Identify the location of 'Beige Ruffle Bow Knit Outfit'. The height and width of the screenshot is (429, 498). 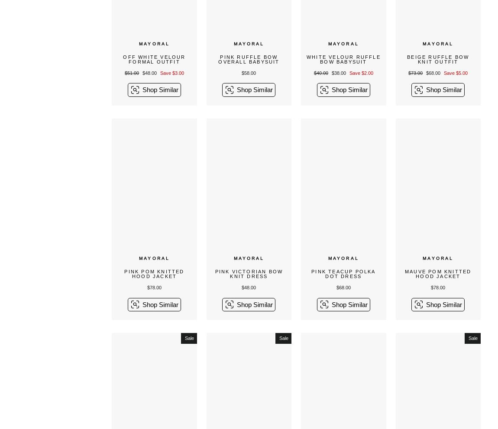
(438, 59).